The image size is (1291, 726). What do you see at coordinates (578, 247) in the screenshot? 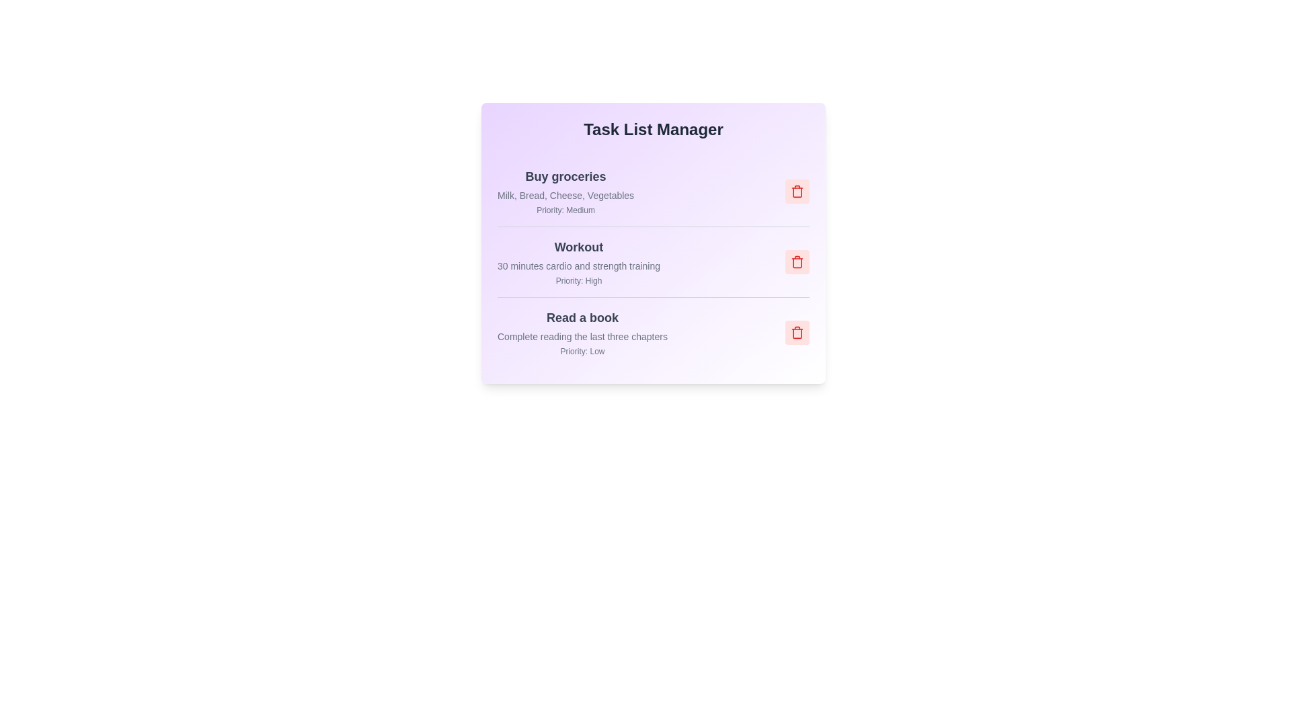
I see `the task item with title Workout` at bounding box center [578, 247].